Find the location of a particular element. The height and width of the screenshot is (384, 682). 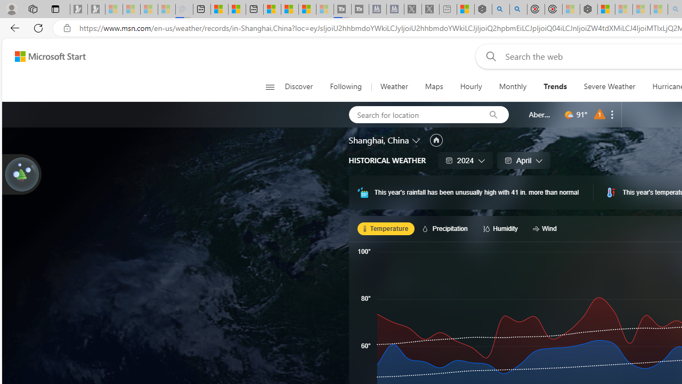

'Temperature' is located at coordinates (385, 228).